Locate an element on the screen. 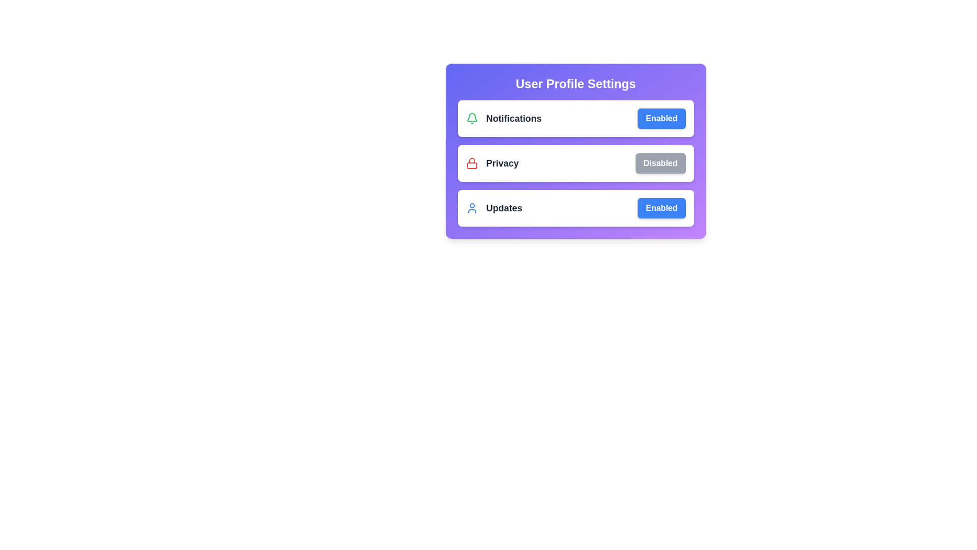 The height and width of the screenshot is (550, 977). the 'Disabled' button for the 'Privacy' setting to toggle its state is located at coordinates (660, 162).